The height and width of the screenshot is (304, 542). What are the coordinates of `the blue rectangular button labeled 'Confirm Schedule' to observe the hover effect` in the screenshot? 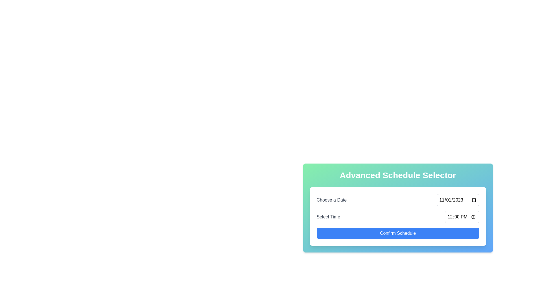 It's located at (397, 233).